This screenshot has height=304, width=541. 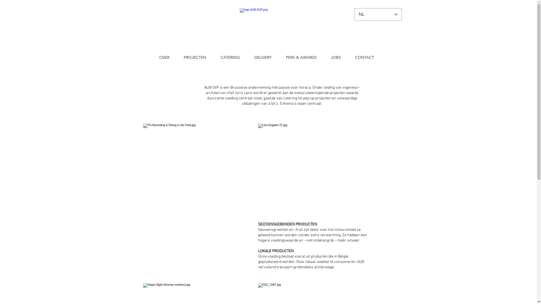 What do you see at coordinates (323, 57) in the screenshot?
I see `'JOBS'` at bounding box center [323, 57].